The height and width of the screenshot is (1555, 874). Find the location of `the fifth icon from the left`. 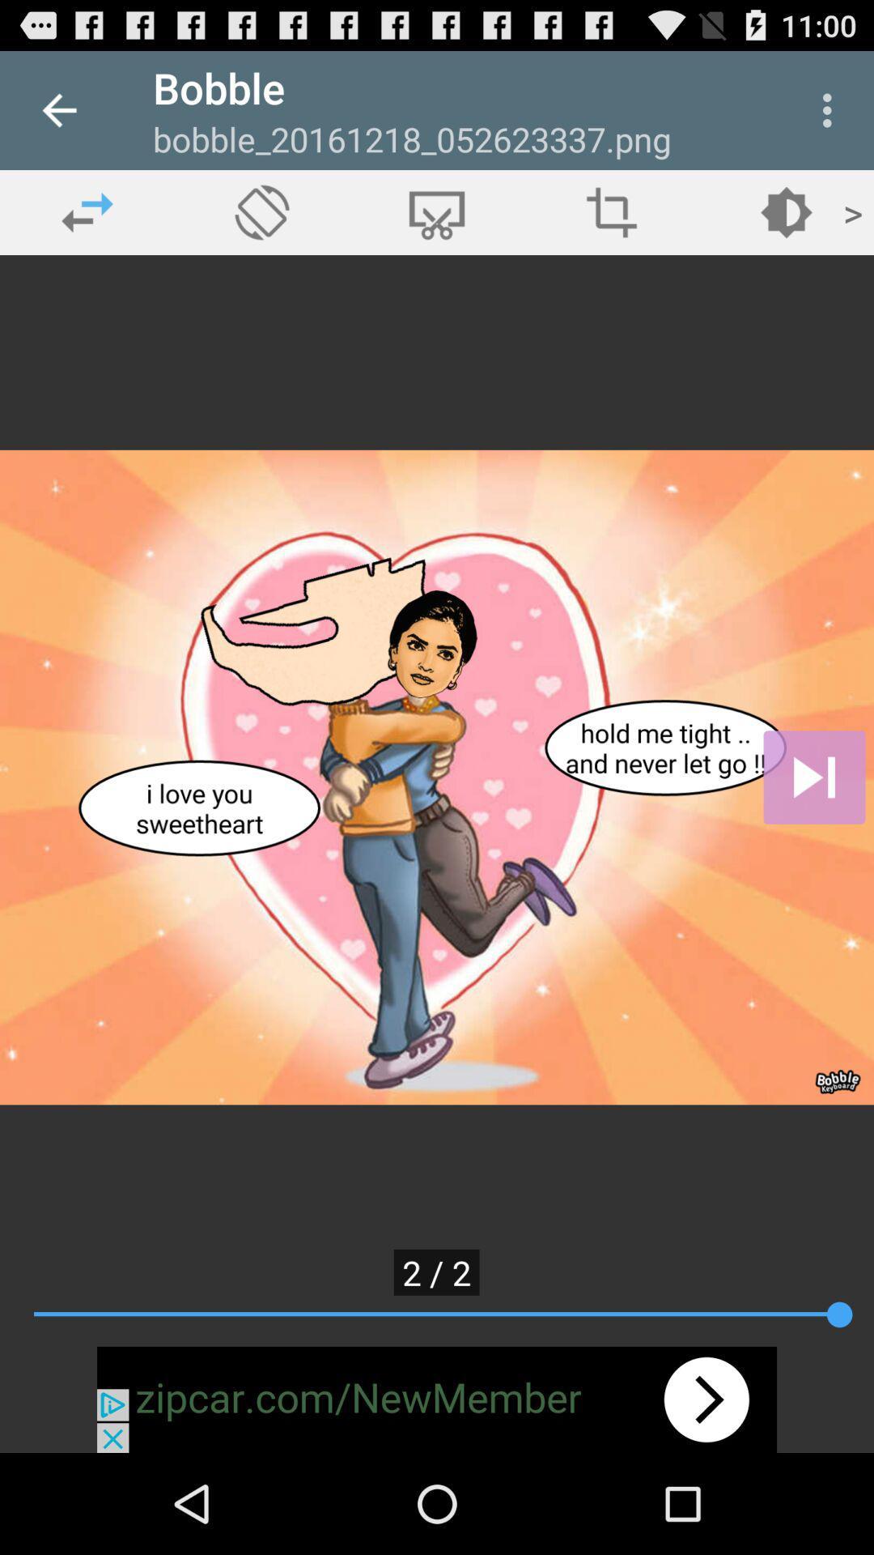

the fifth icon from the left is located at coordinates (786, 211).